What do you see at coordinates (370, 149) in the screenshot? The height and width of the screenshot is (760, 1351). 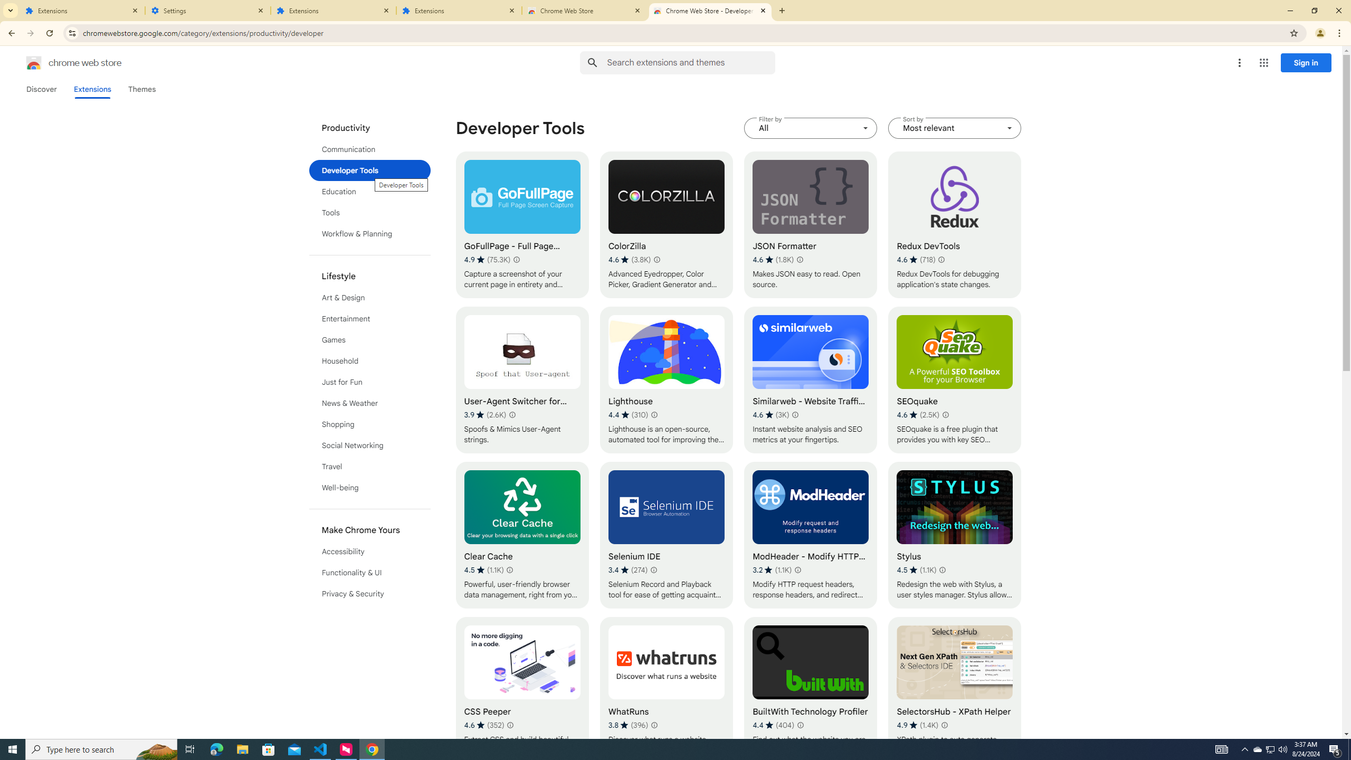 I see `'Communication'` at bounding box center [370, 149].